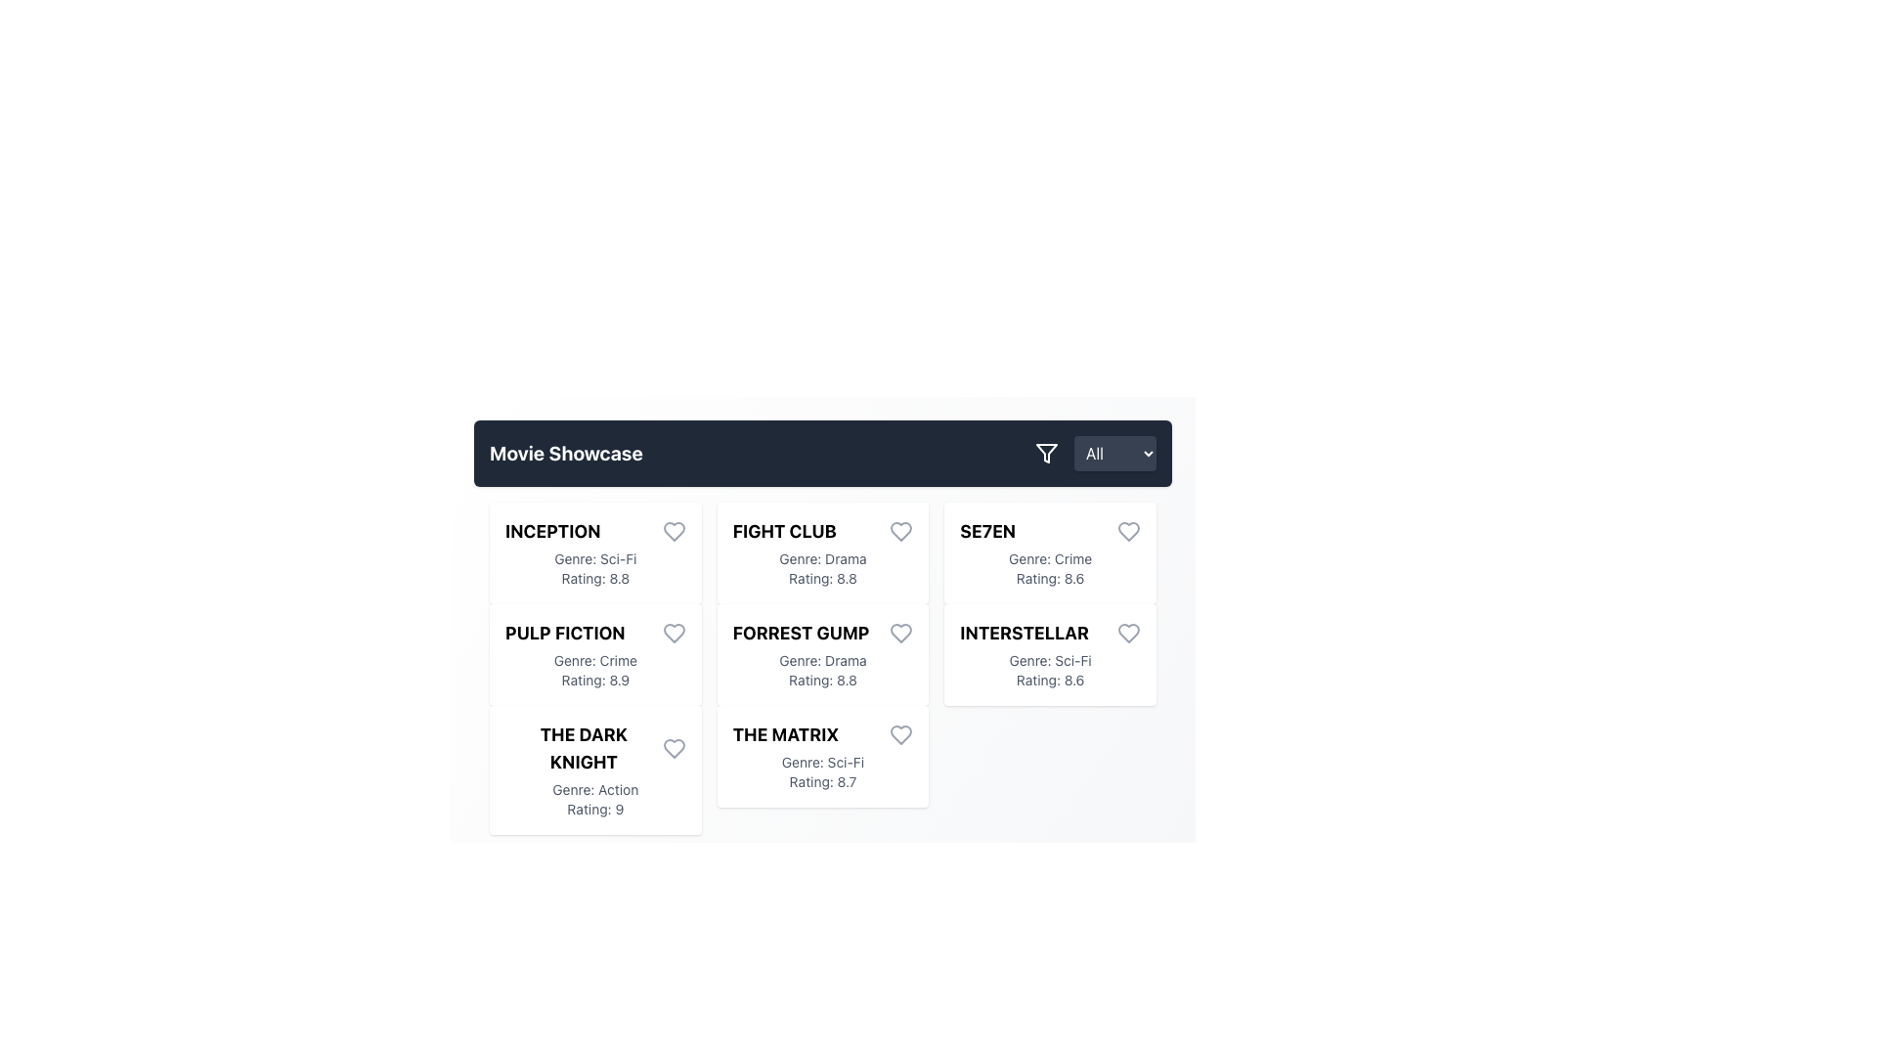  What do you see at coordinates (822, 771) in the screenshot?
I see `the static text display containing 'Genre: Sci-Fi' and 'Rating: 8.7' located in the card for 'The Matrix' in the second row, third column of the layout grid` at bounding box center [822, 771].